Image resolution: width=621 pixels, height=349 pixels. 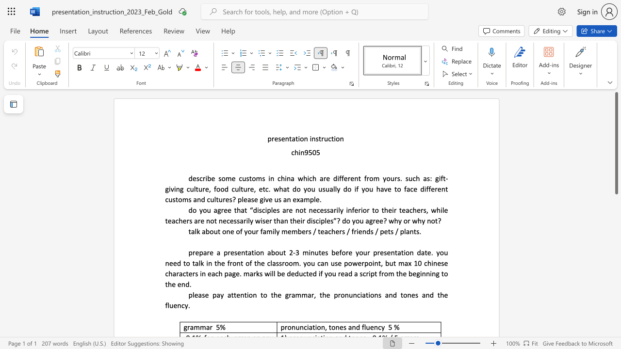 What do you see at coordinates (616, 295) in the screenshot?
I see `the vertical scrollbar to lower the page content` at bounding box center [616, 295].